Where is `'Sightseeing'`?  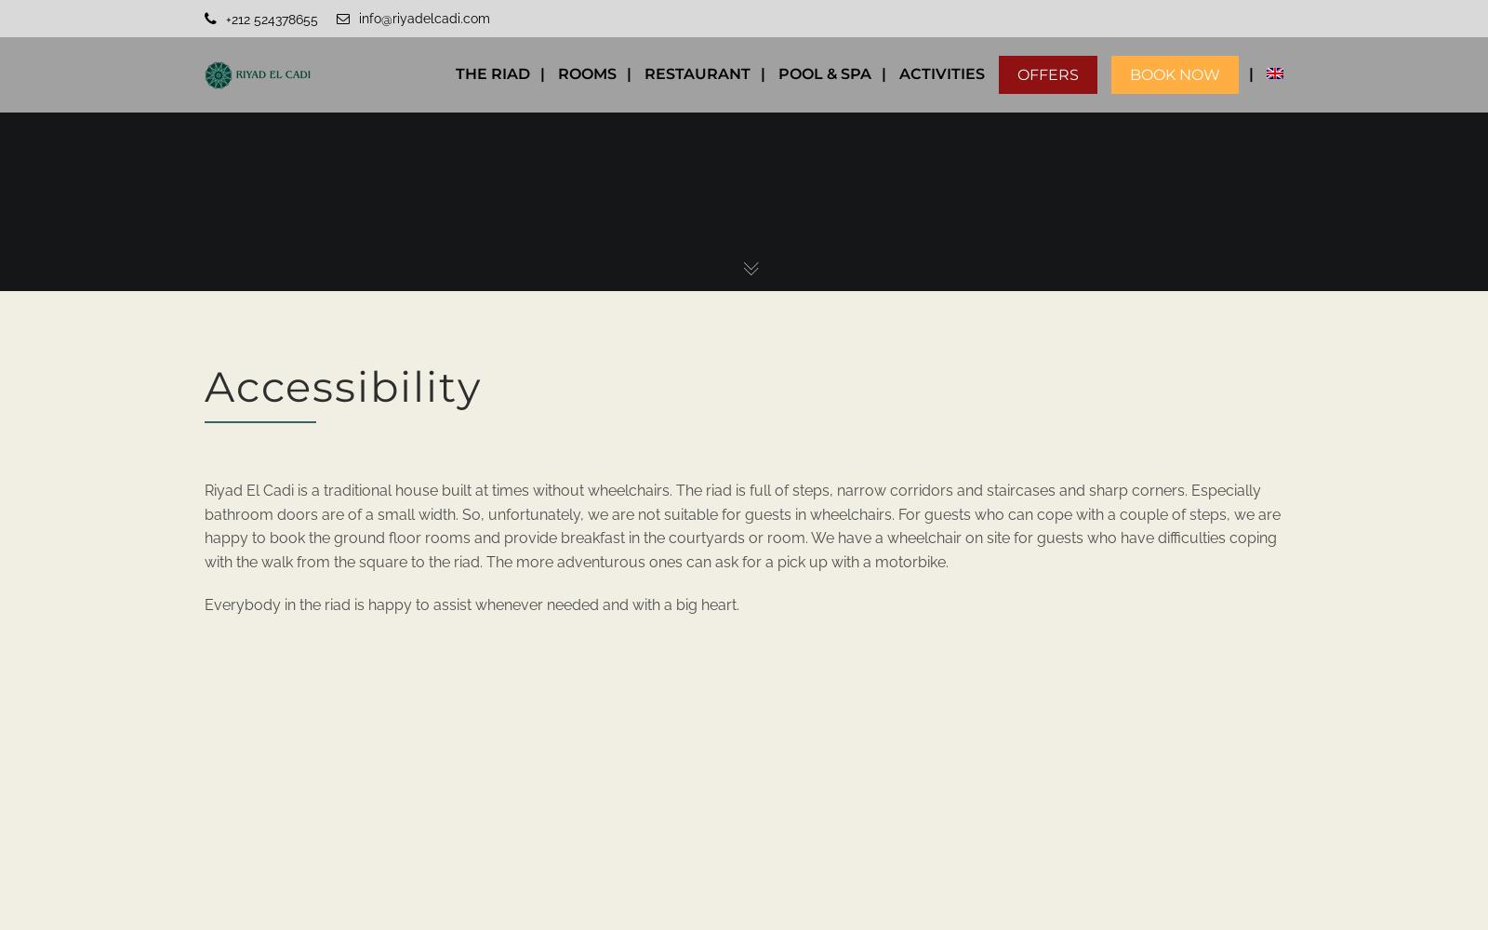 'Sightseeing' is located at coordinates (955, 227).